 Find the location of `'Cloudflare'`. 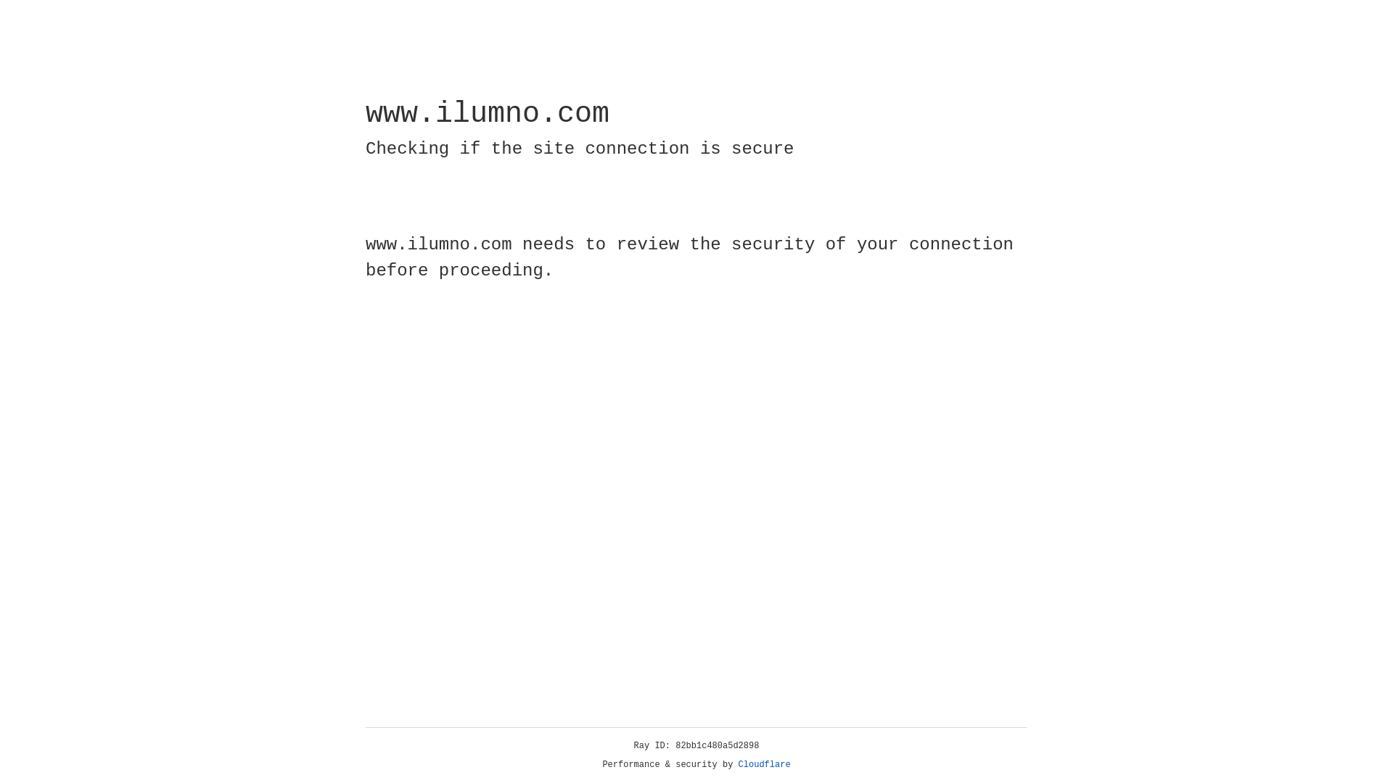

'Cloudflare' is located at coordinates (764, 764).